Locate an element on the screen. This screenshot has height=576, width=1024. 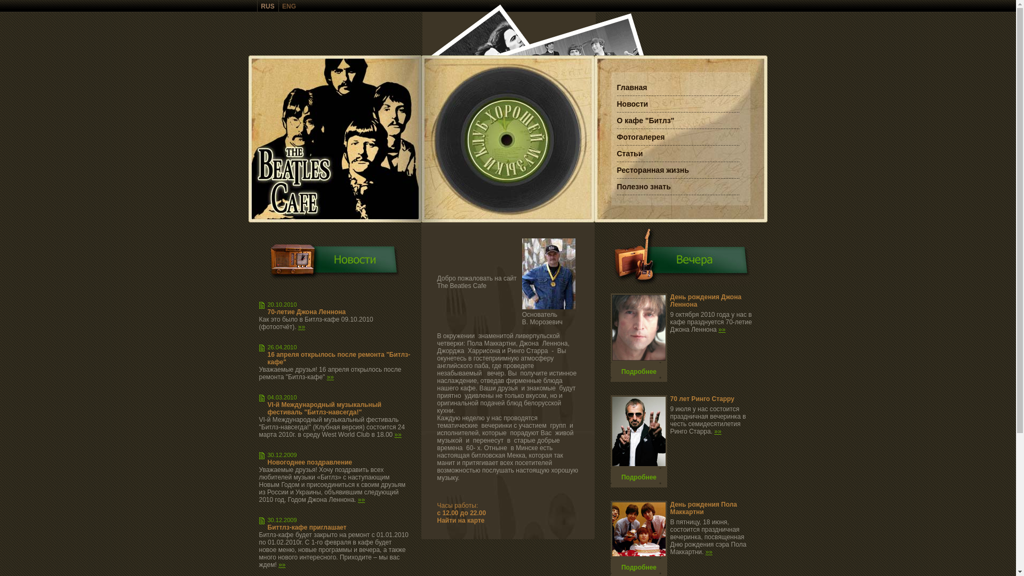
'26.04.2010' is located at coordinates (282, 347).